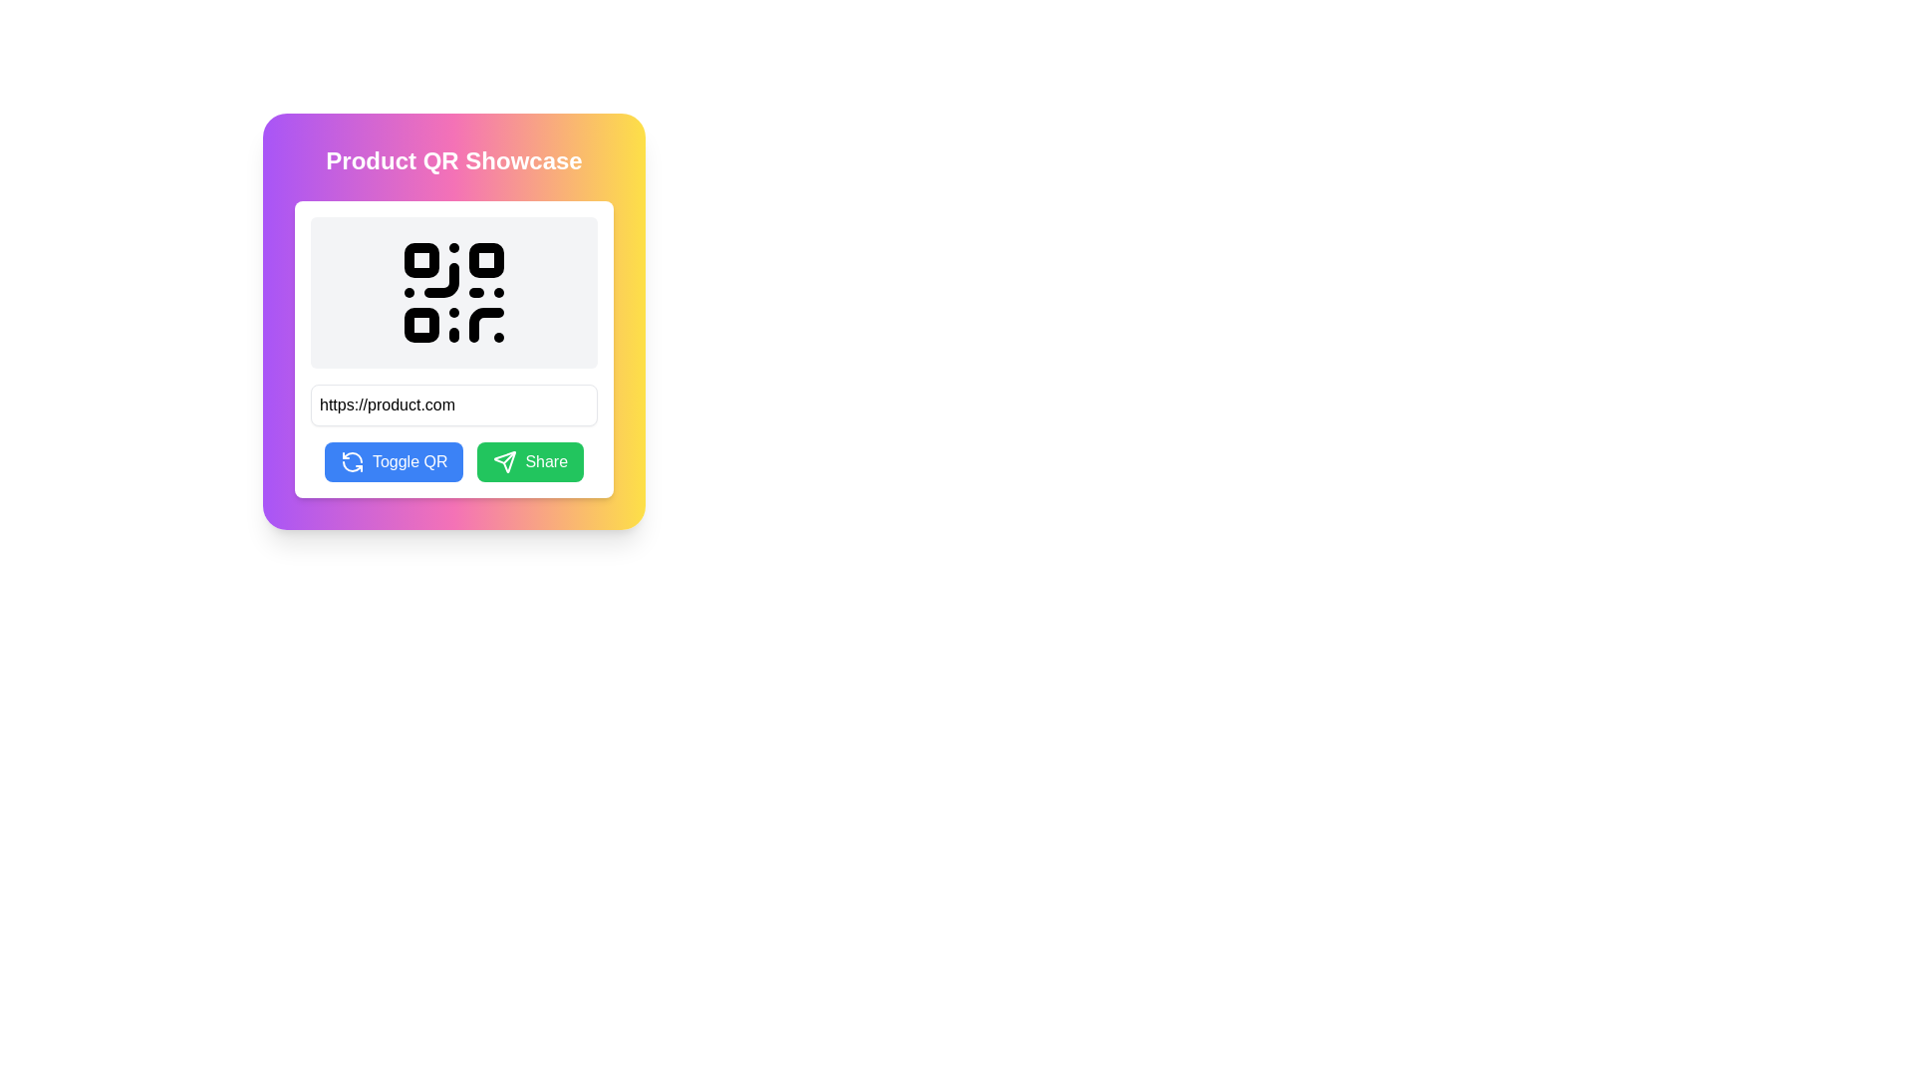 Image resolution: width=1913 pixels, height=1076 pixels. What do you see at coordinates (530, 461) in the screenshot?
I see `the 'Share' button` at bounding box center [530, 461].